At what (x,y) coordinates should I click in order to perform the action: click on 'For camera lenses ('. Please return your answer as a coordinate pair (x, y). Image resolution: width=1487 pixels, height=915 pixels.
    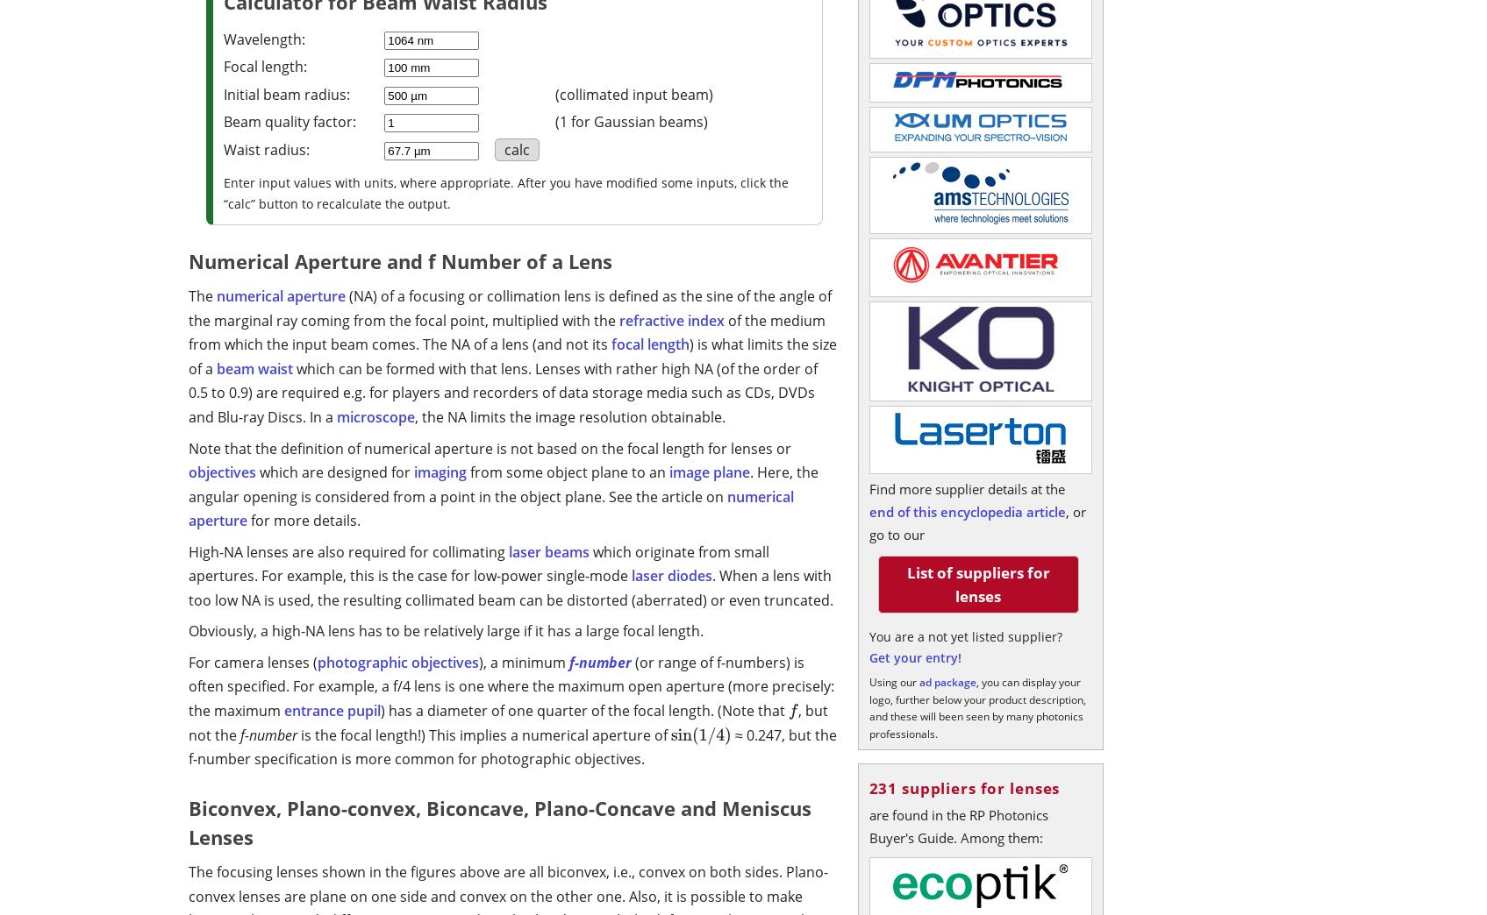
    Looking at the image, I should click on (187, 662).